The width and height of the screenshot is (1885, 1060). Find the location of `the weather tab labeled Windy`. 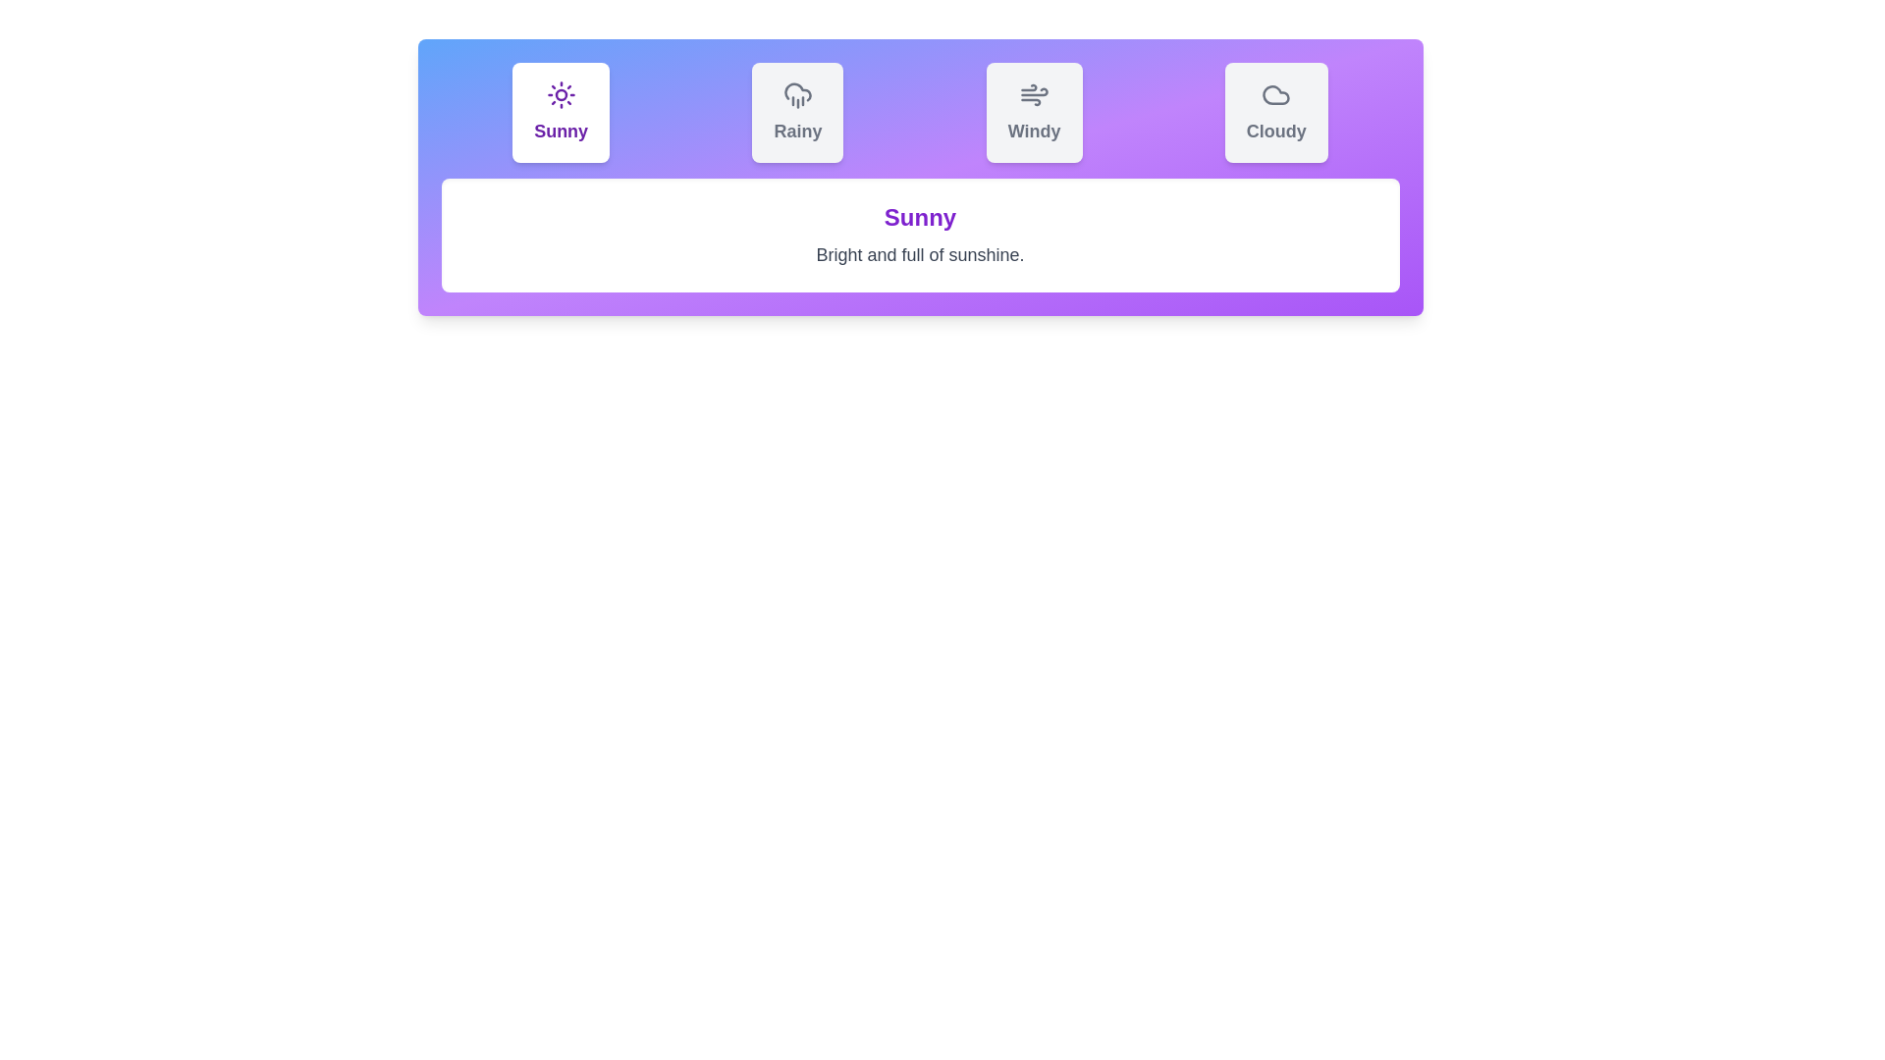

the weather tab labeled Windy is located at coordinates (1033, 113).